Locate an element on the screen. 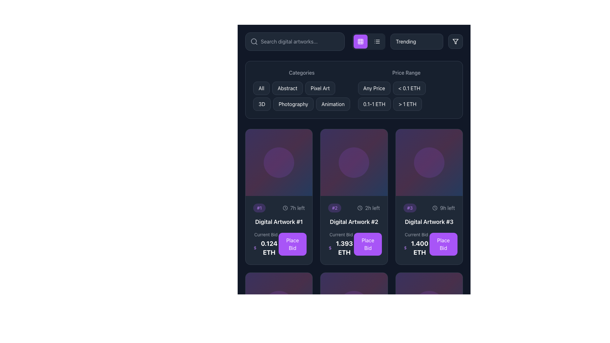 The image size is (610, 343). the grid view button, which is the second button from the left in a row of controls at the top of the interface is located at coordinates (354, 42).